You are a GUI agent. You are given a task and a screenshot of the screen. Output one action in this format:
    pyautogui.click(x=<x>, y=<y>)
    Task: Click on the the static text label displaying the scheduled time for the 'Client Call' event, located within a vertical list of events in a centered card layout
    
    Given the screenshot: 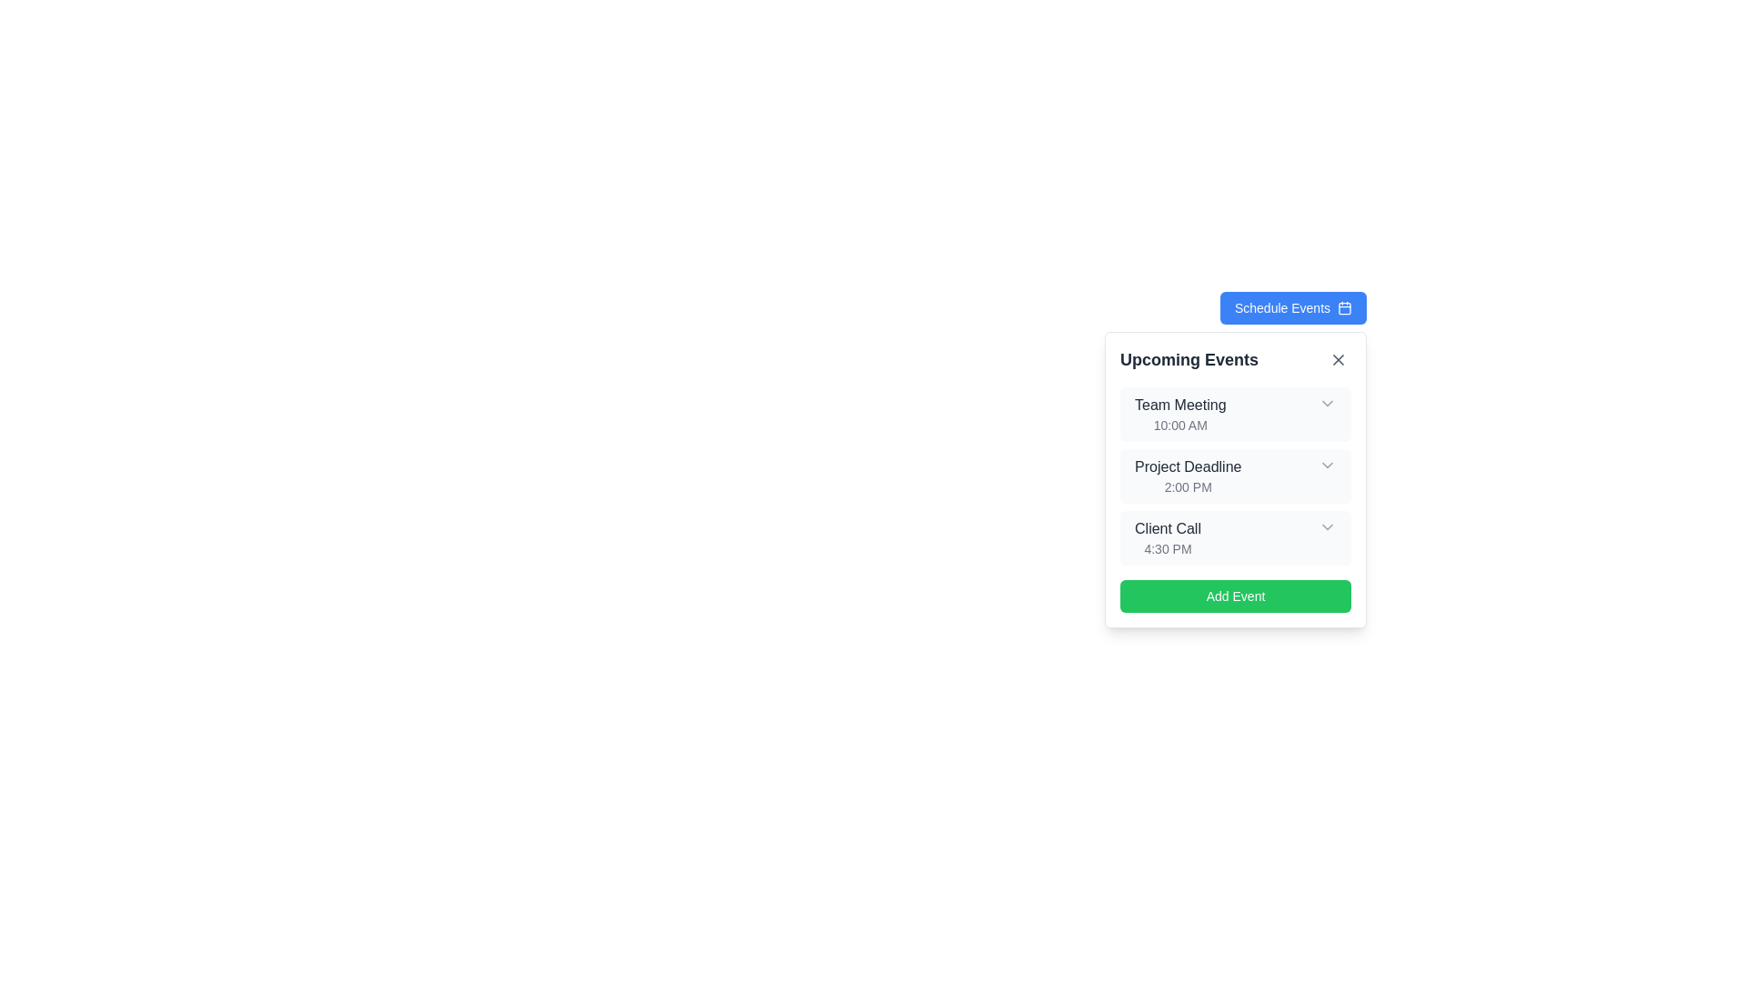 What is the action you would take?
    pyautogui.click(x=1168, y=548)
    